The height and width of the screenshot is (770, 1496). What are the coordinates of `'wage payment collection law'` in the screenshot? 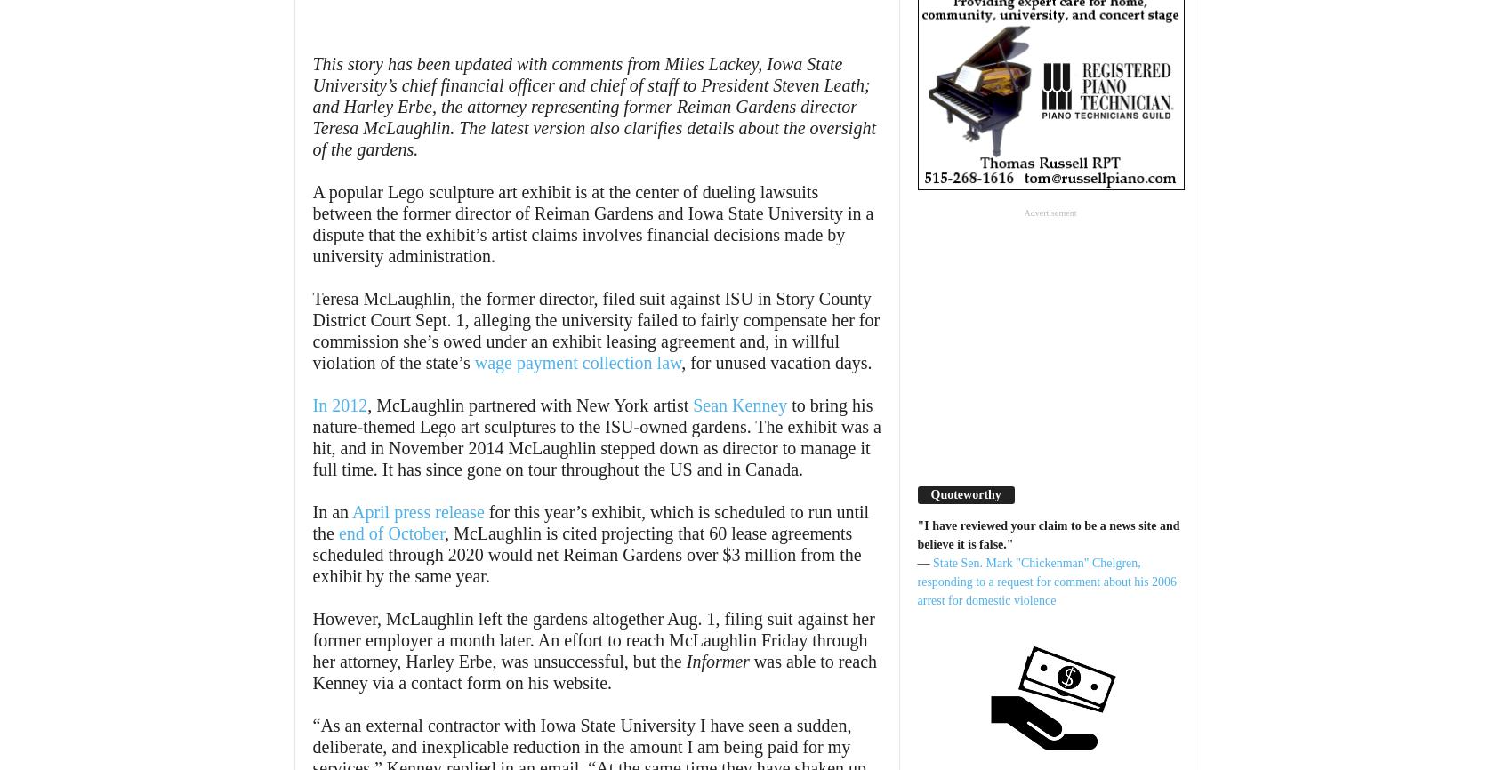 It's located at (474, 361).